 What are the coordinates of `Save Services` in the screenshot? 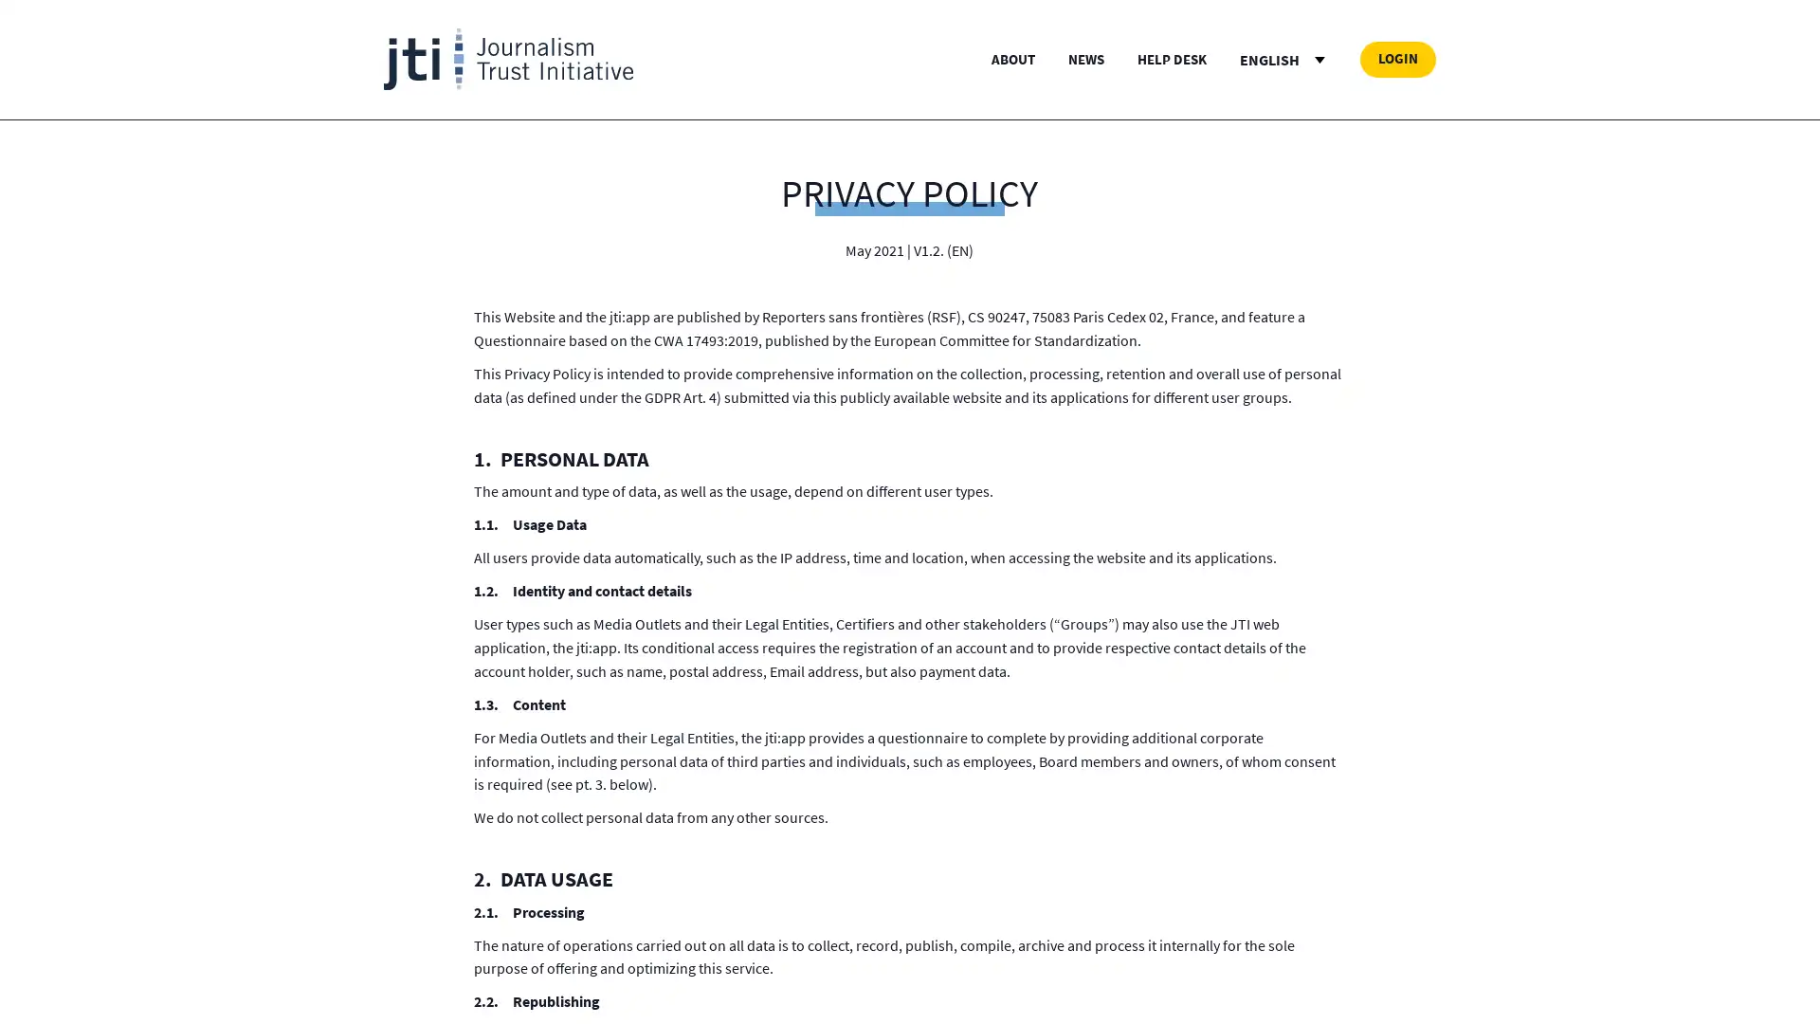 It's located at (722, 620).